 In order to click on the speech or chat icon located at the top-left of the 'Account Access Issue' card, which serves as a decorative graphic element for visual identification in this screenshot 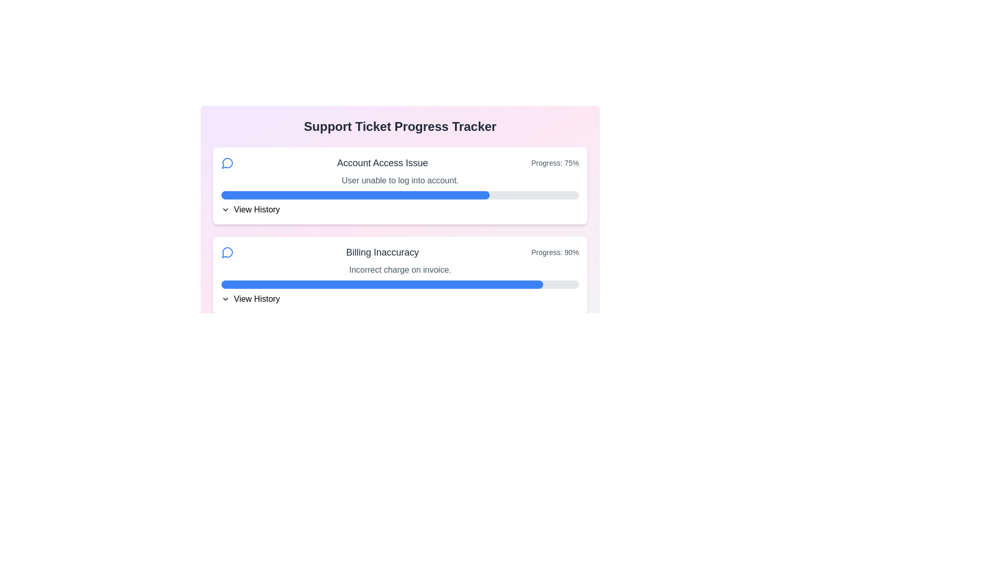, I will do `click(227, 252)`.